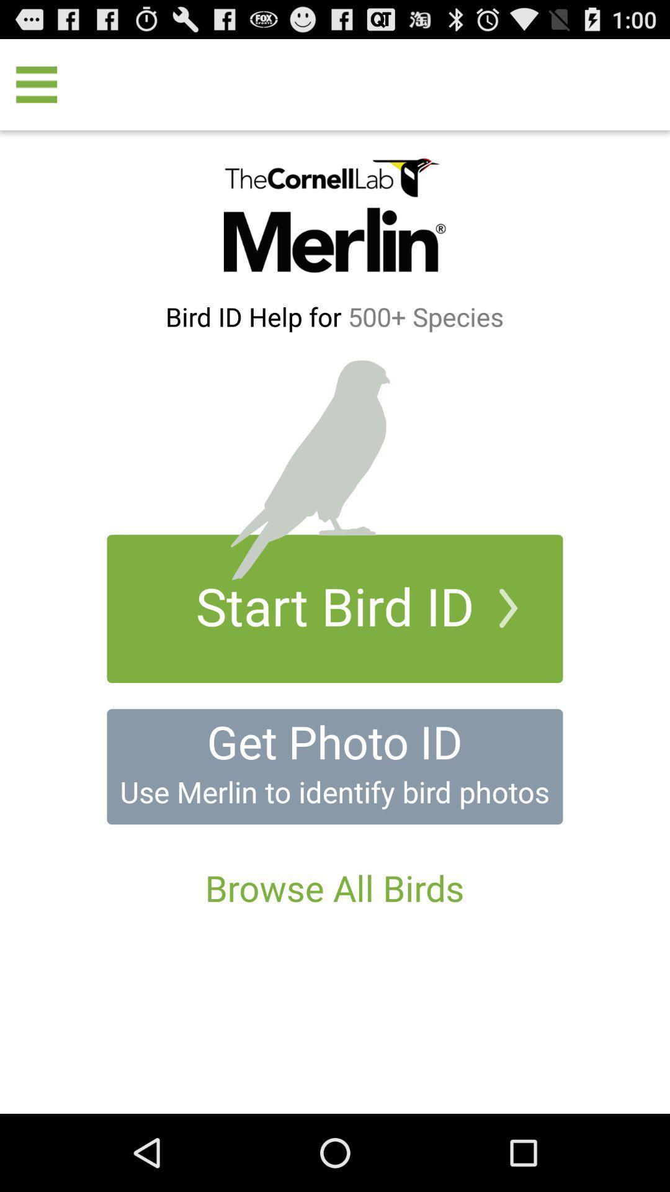 Image resolution: width=670 pixels, height=1192 pixels. I want to click on get photo id icon, so click(334, 741).